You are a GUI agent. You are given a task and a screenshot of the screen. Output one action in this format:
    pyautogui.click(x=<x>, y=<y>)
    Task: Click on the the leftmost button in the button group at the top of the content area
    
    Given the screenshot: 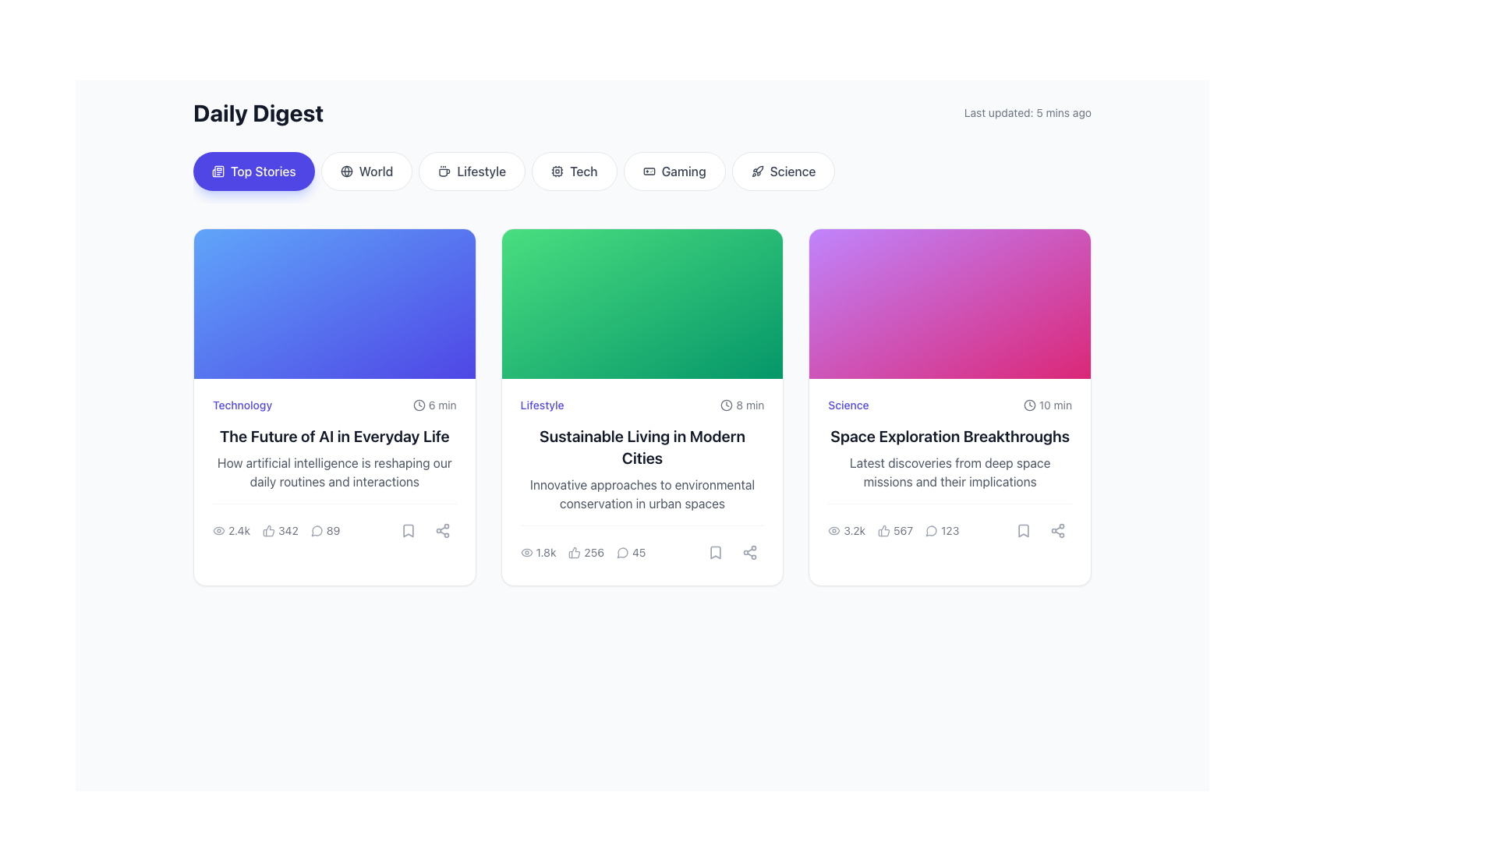 What is the action you would take?
    pyautogui.click(x=253, y=171)
    